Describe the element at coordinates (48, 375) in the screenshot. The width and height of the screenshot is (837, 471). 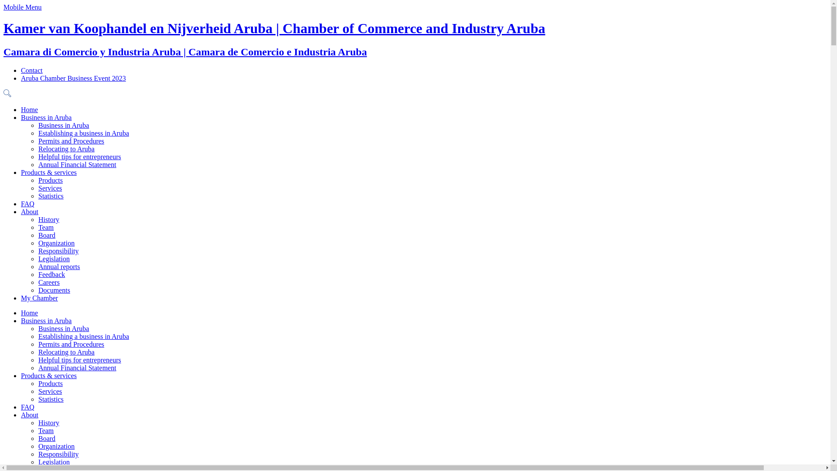
I see `'Products & services'` at that location.